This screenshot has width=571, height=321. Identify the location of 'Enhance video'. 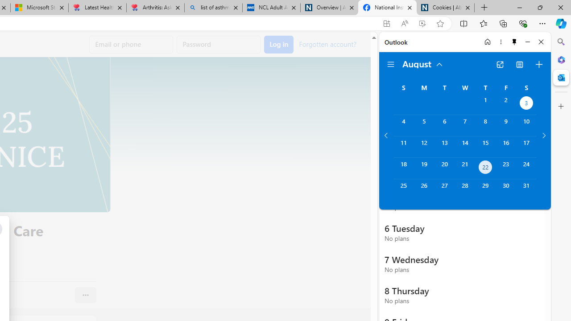
(422, 23).